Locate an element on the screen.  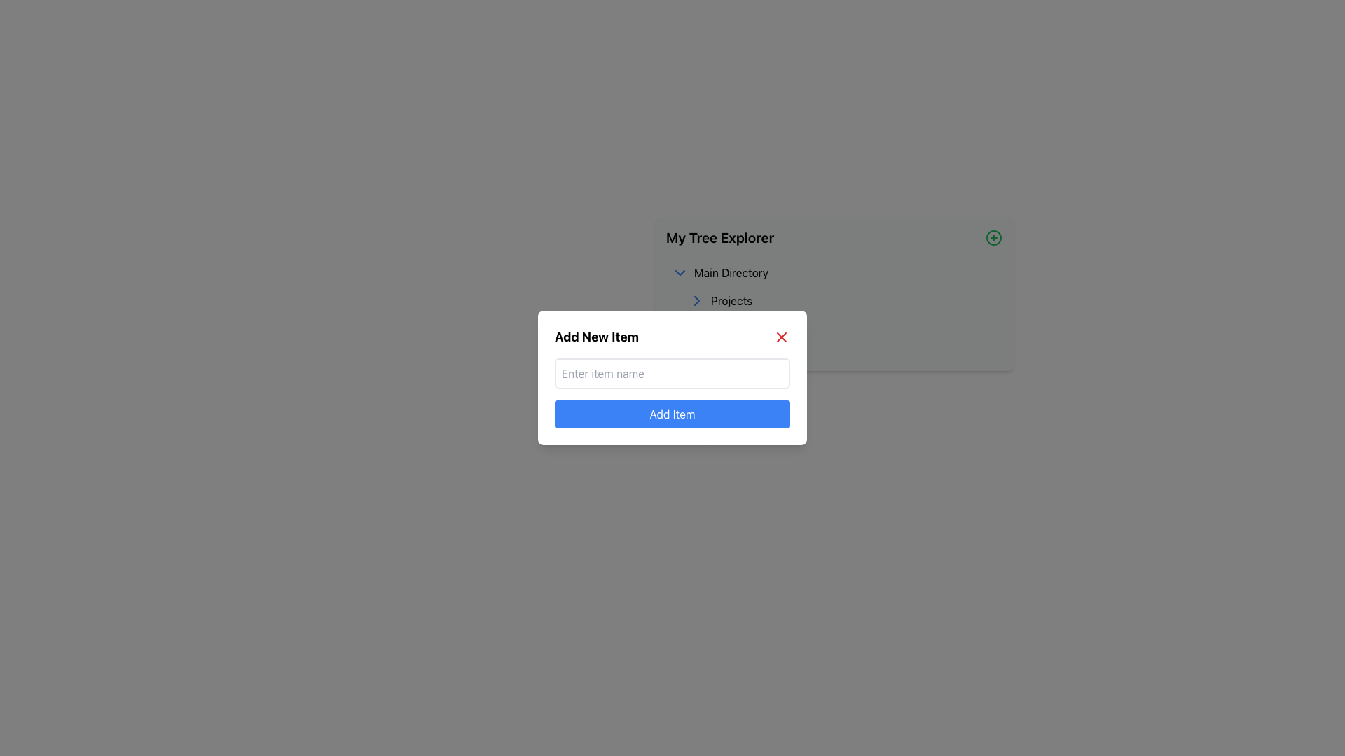
the 'Main Directory' text label in the hierarchical tree view interface, which is styled bold and dark when active and is situated above the 'Projects' entry is located at coordinates (730, 272).